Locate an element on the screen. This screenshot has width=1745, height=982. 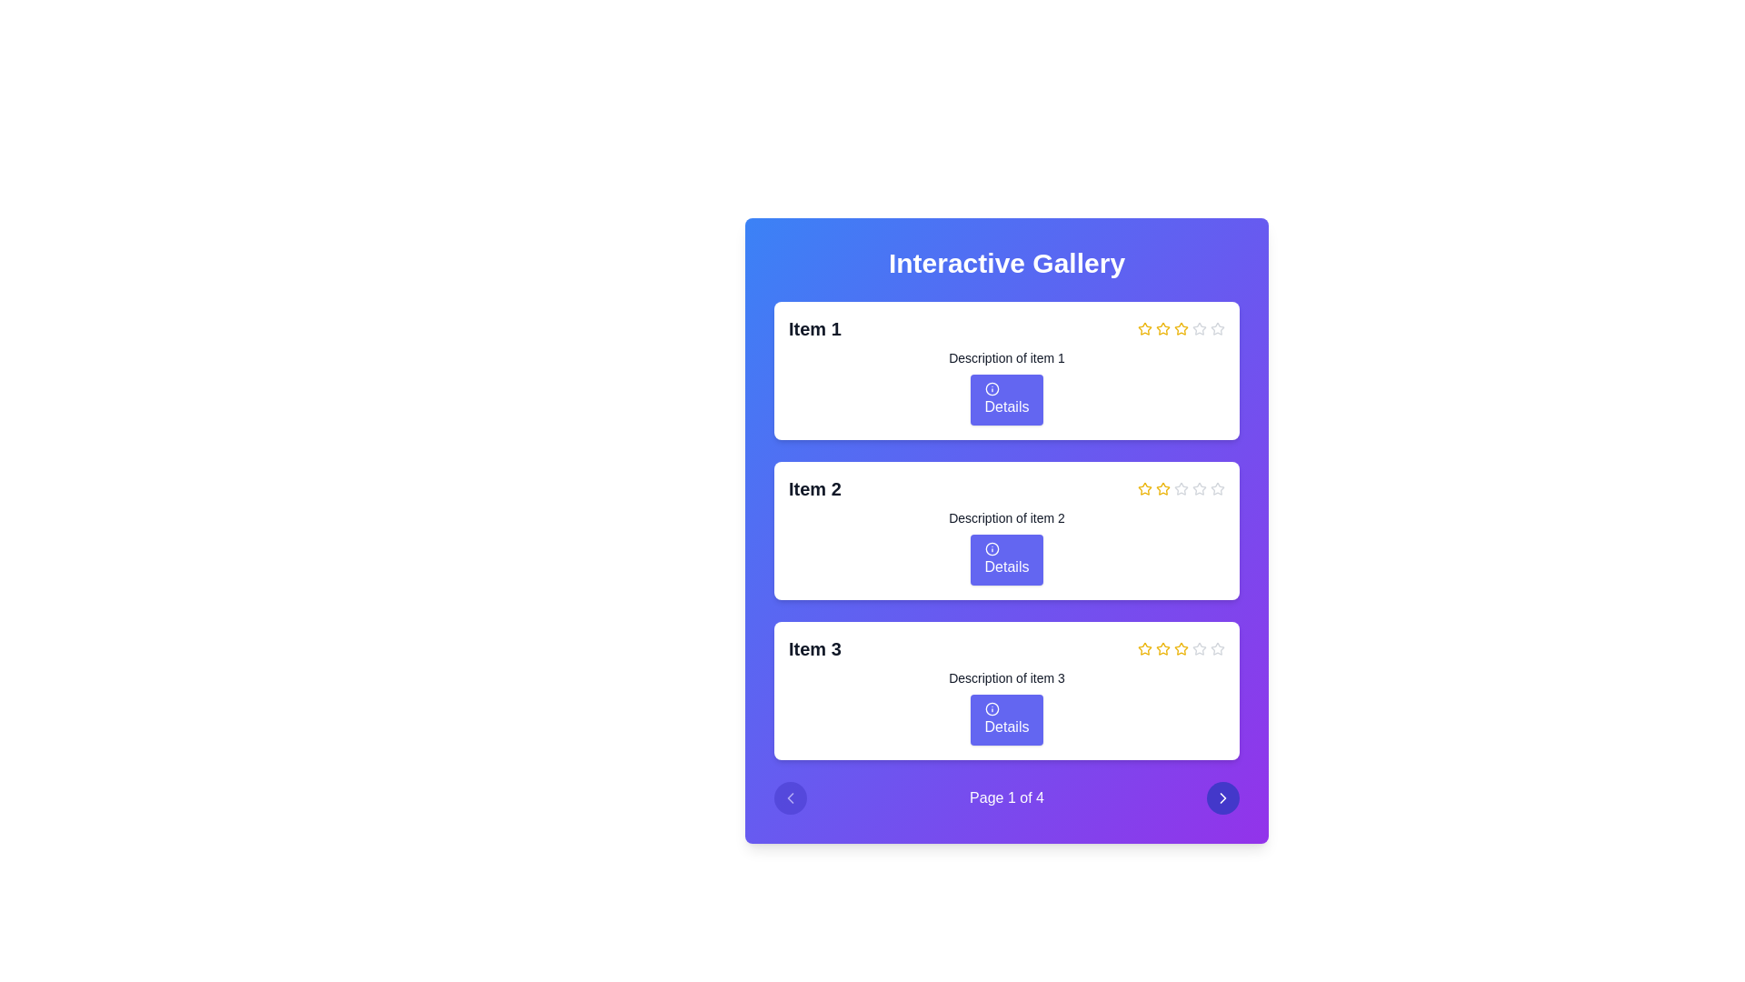
the second yellow star icon in the rating system for 'Item 3' is located at coordinates (1163, 647).